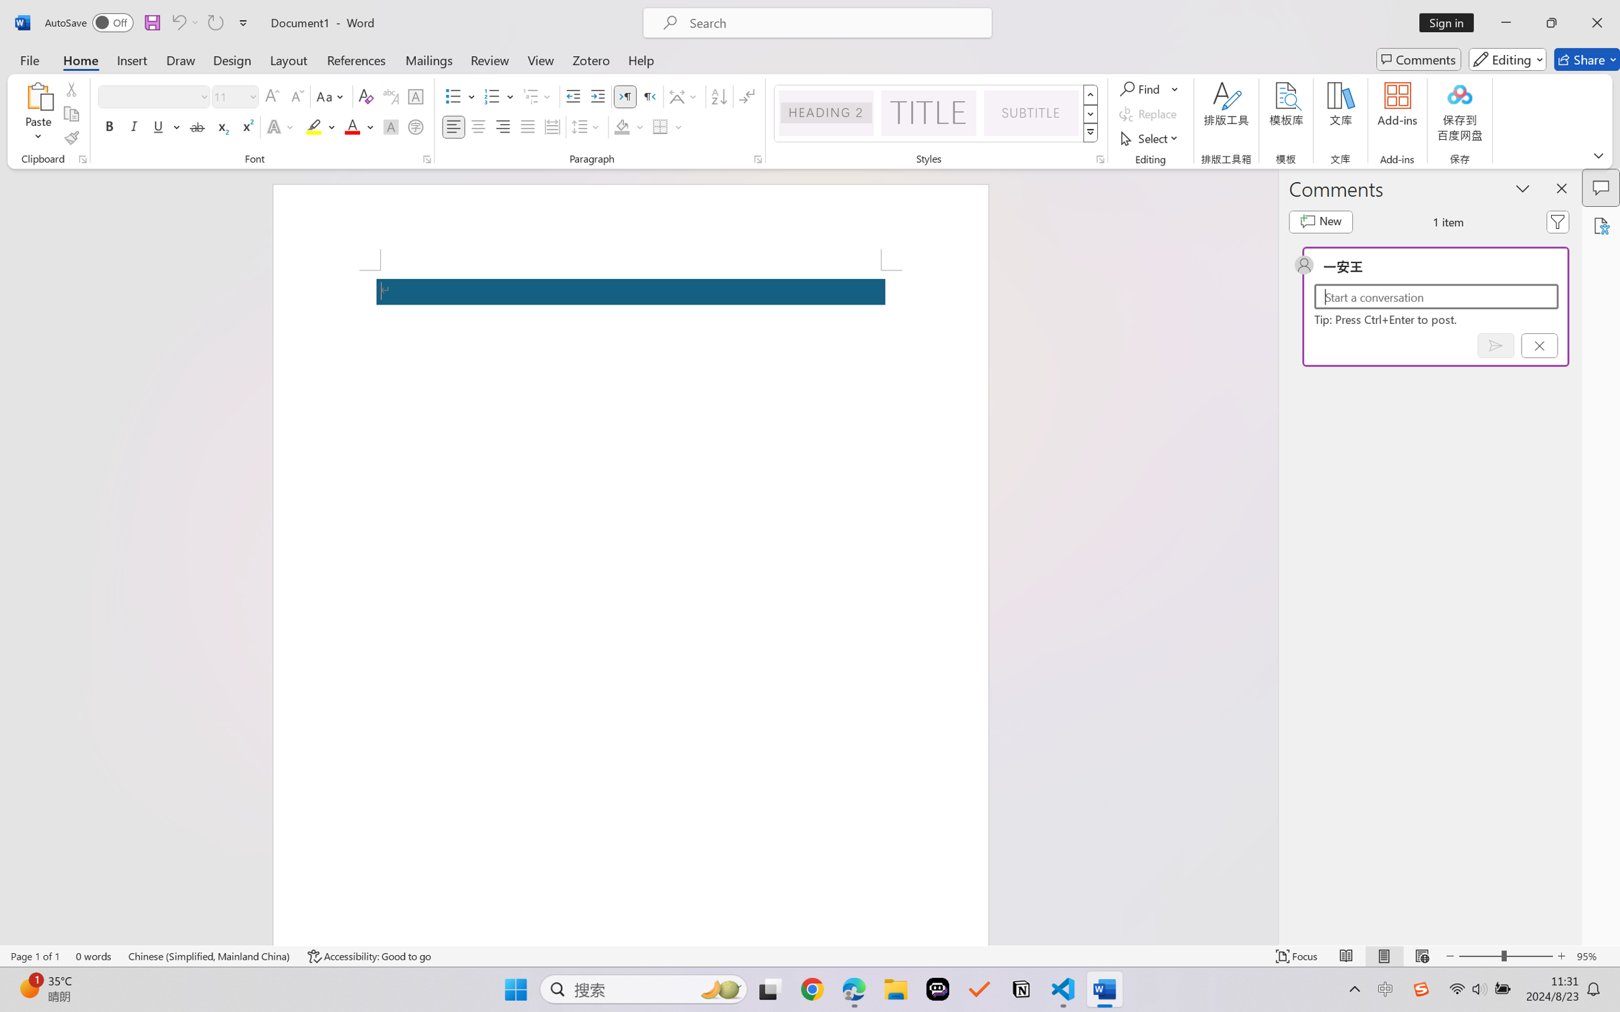 This screenshot has width=1620, height=1012. I want to click on 'Repeat Accessibility Checker', so click(214, 22).